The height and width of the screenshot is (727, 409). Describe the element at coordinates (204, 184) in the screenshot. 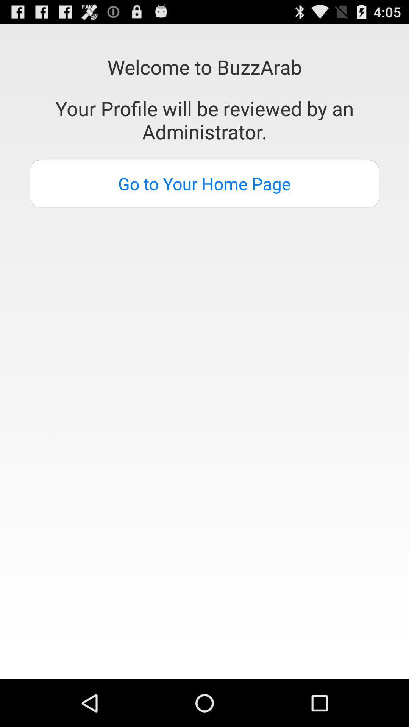

I see `go to your icon` at that location.